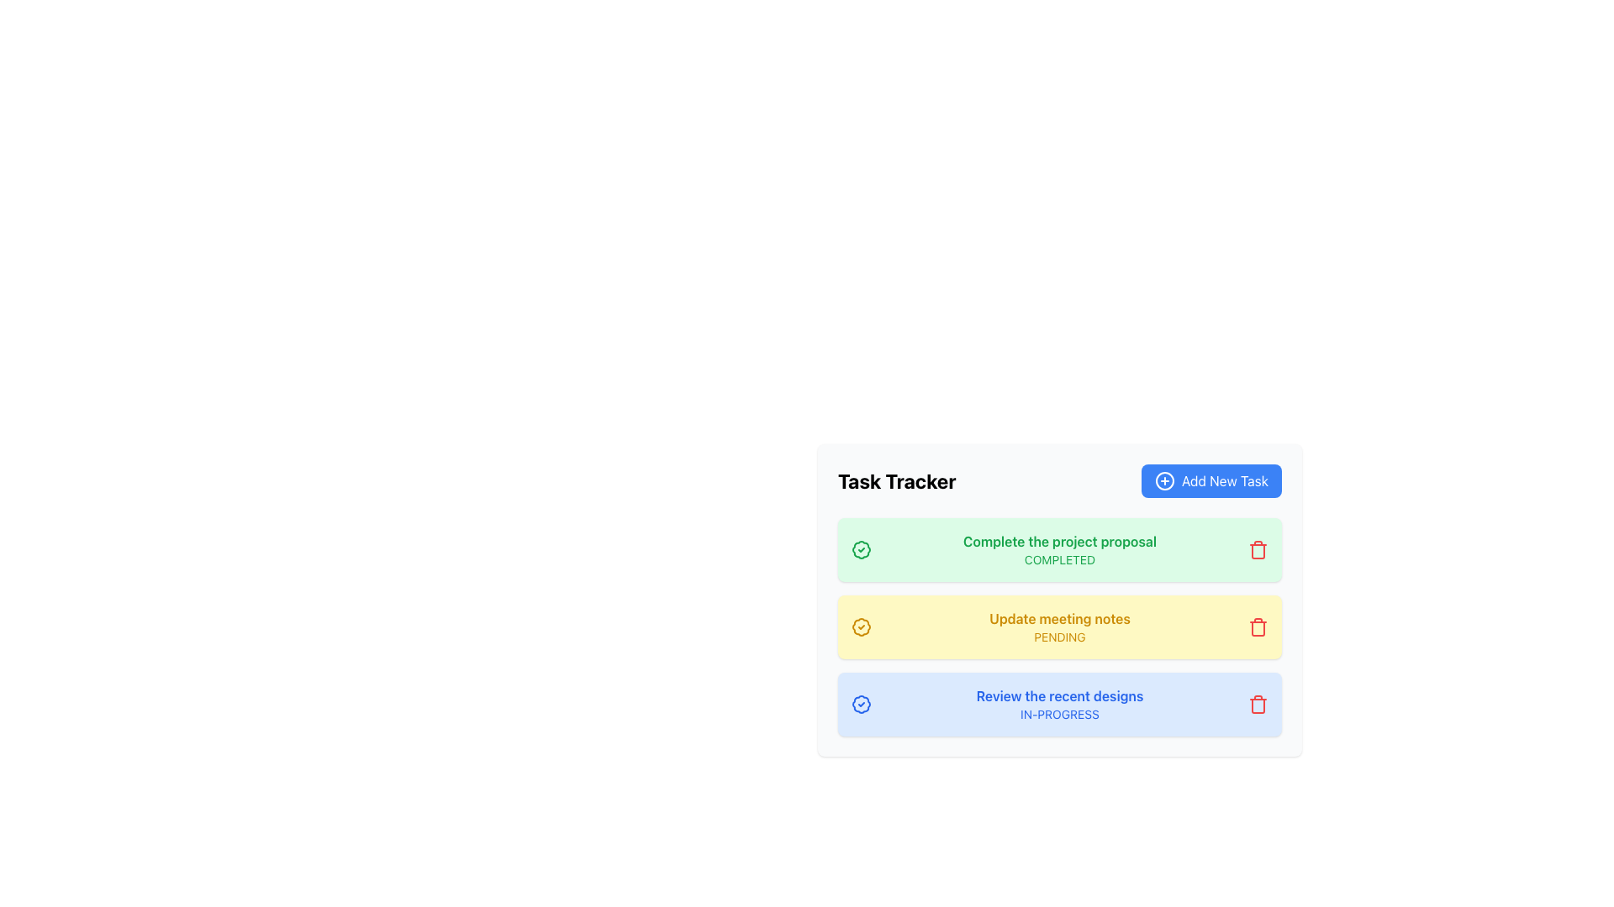  What do you see at coordinates (1059, 696) in the screenshot?
I see `text label displaying 'Review the recent designs', which is the title of the third task in the task board` at bounding box center [1059, 696].